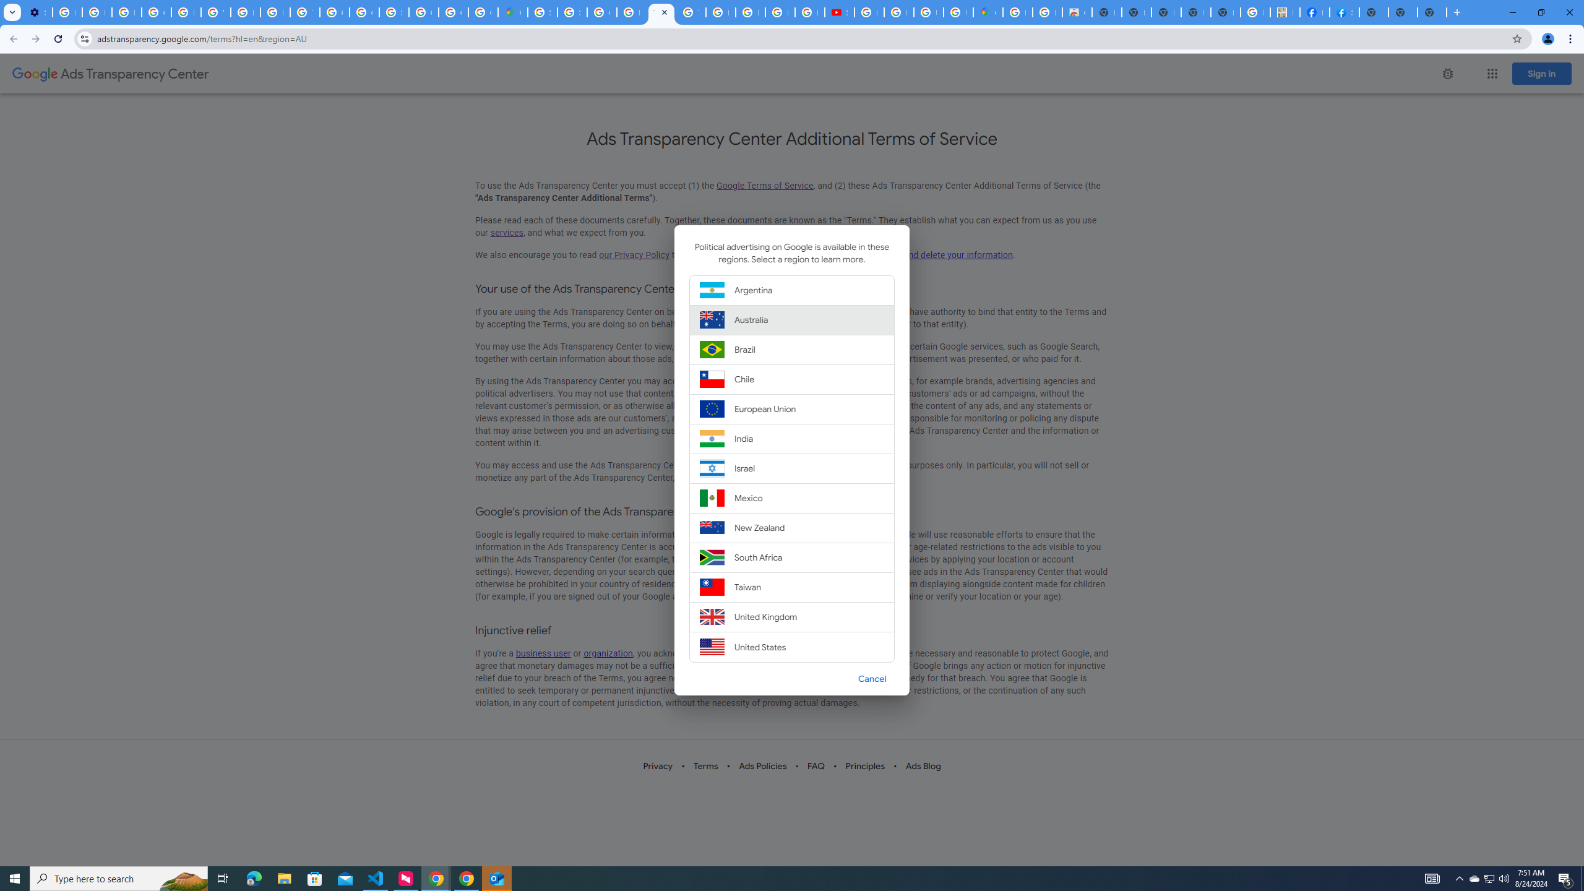 The width and height of the screenshot is (1584, 891). What do you see at coordinates (1344, 12) in the screenshot?
I see `'Sign Up for Facebook'` at bounding box center [1344, 12].